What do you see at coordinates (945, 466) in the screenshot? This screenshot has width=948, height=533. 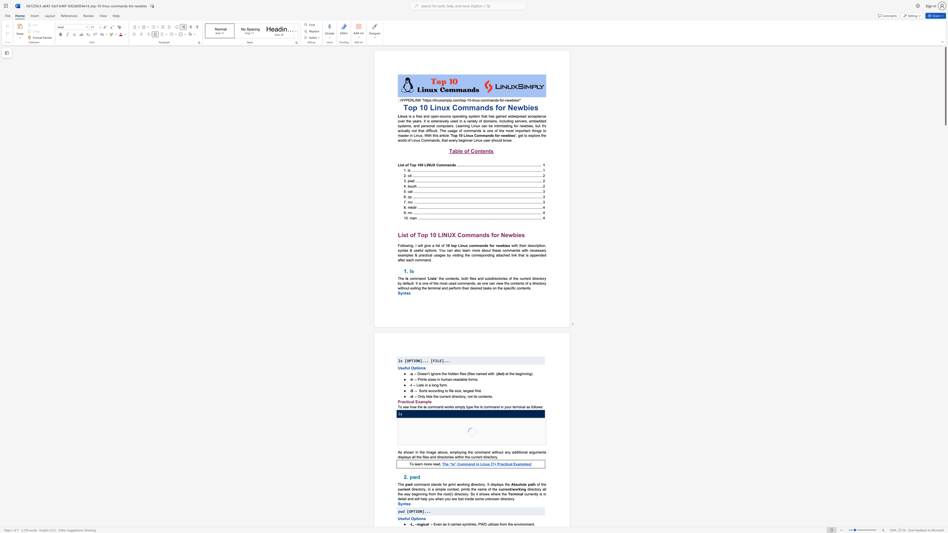 I see `the scrollbar to move the page down` at bounding box center [945, 466].